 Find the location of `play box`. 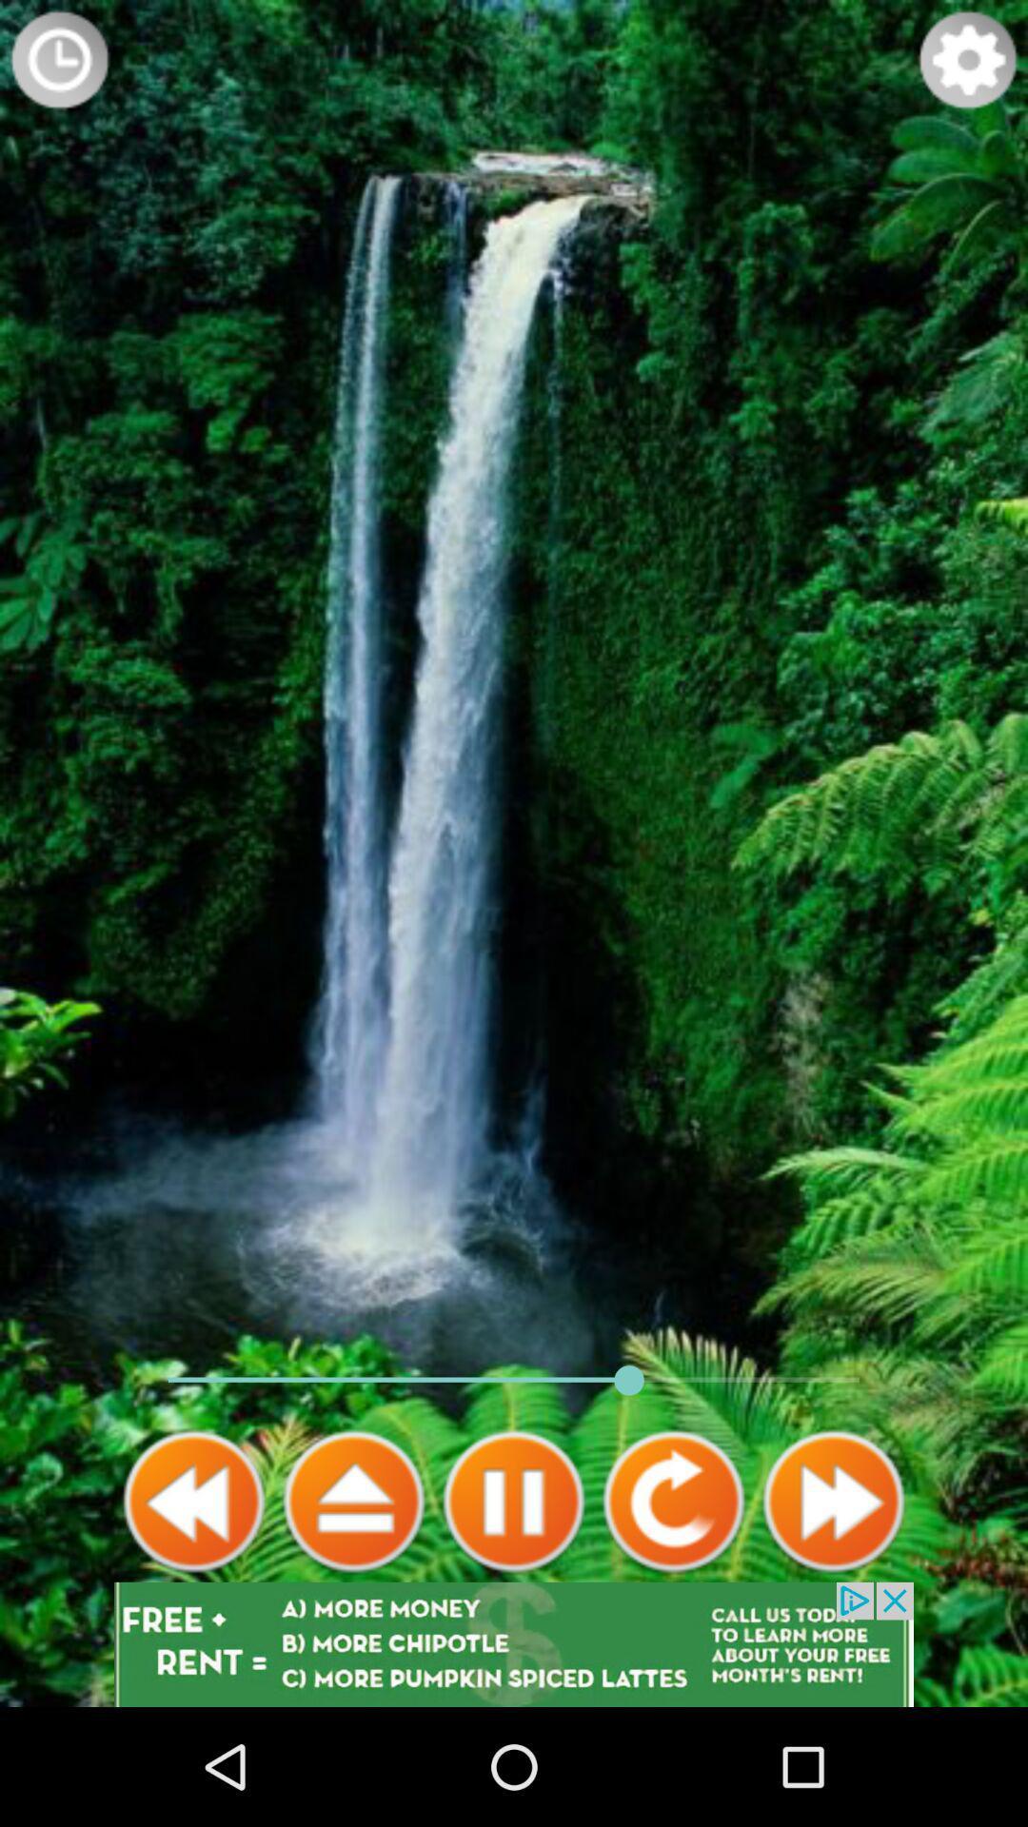

play box is located at coordinates (353, 1501).